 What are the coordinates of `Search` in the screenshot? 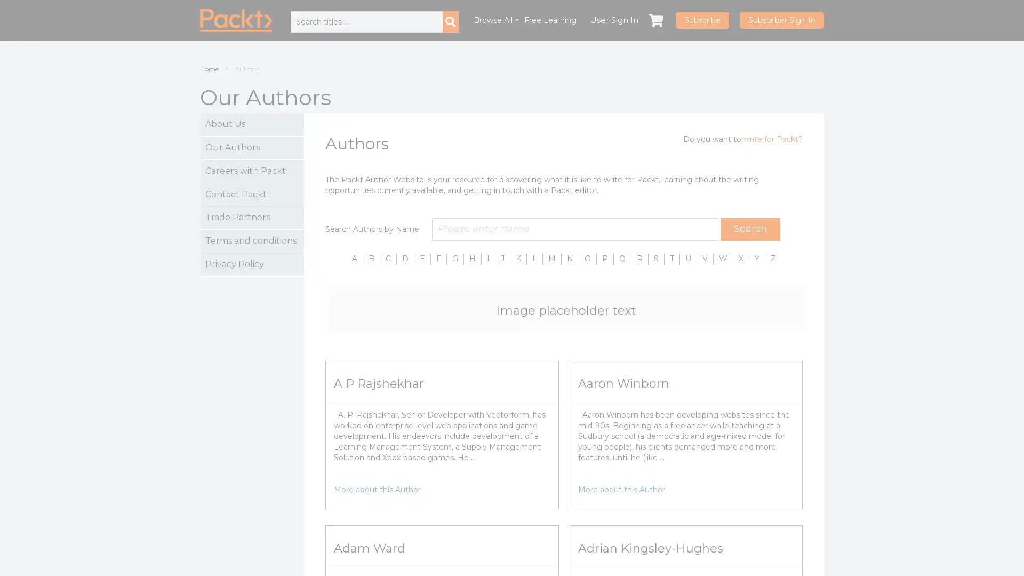 It's located at (450, 22).